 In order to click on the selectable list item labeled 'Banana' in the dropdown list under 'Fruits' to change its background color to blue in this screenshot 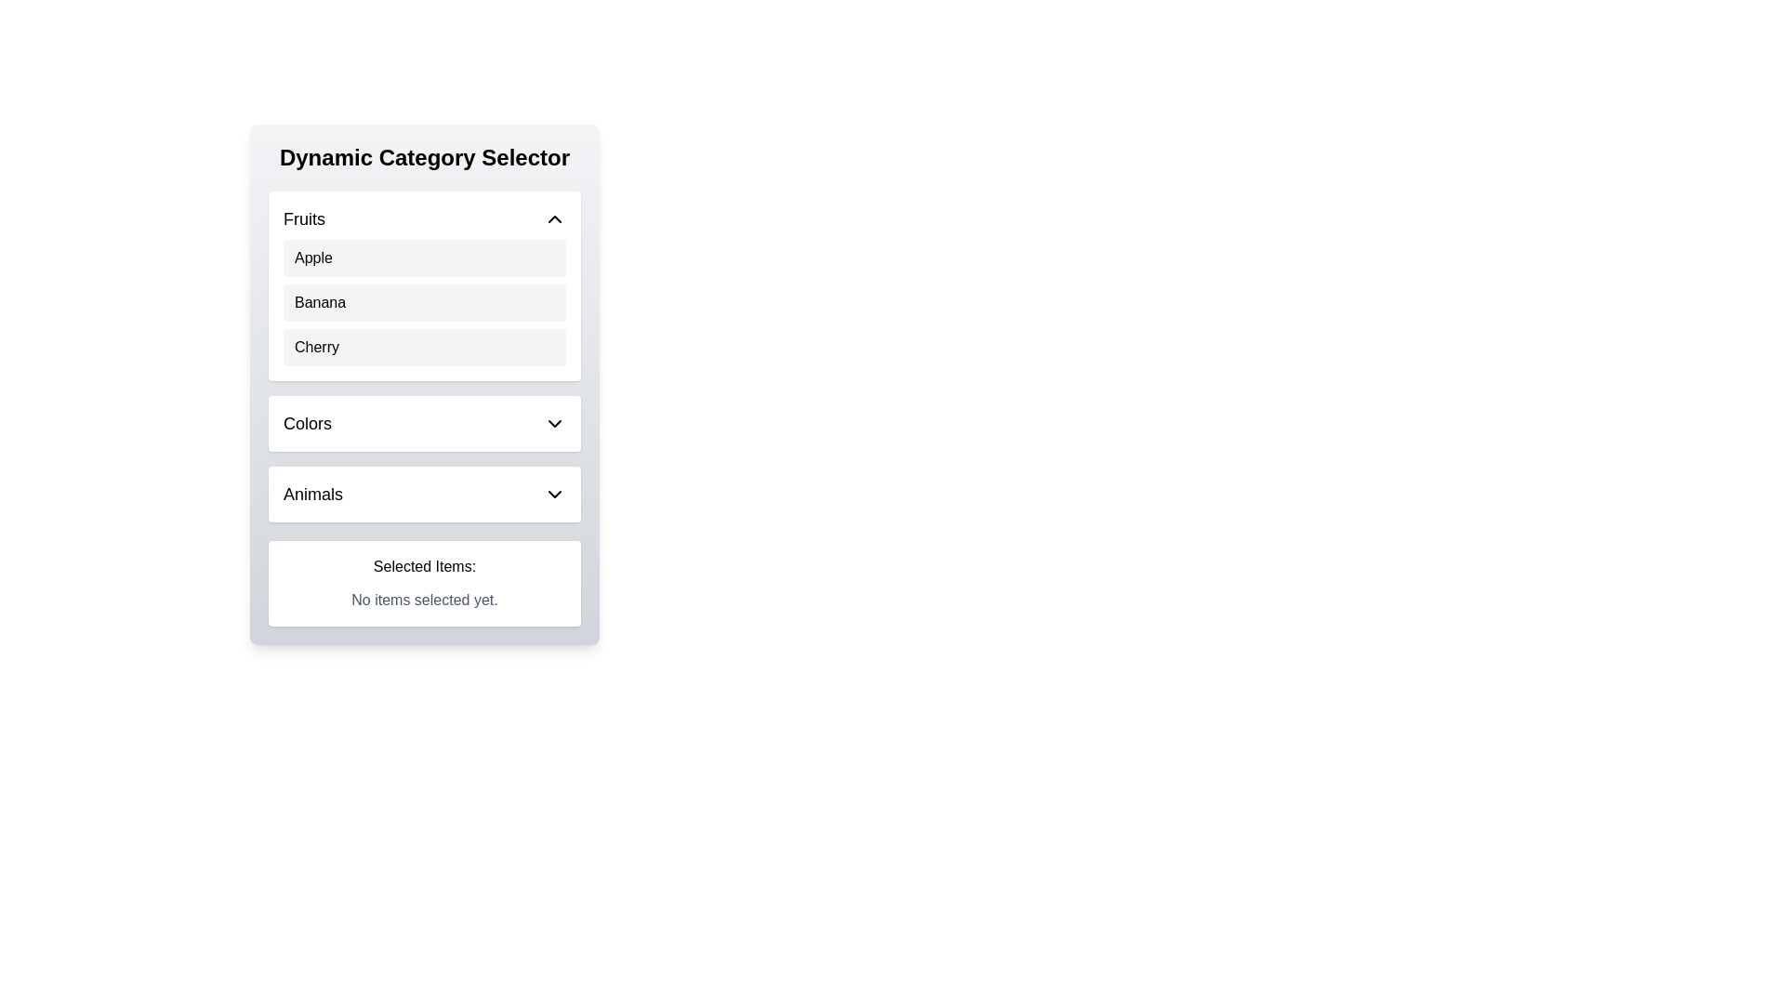, I will do `click(423, 302)`.